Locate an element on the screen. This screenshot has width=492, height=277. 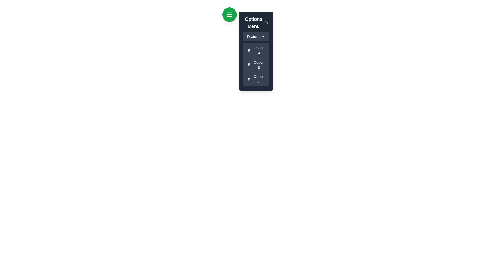
the close button represented by a gray 'X' icon located in the top-right corner of the 'Options Menu' is located at coordinates (266, 22).